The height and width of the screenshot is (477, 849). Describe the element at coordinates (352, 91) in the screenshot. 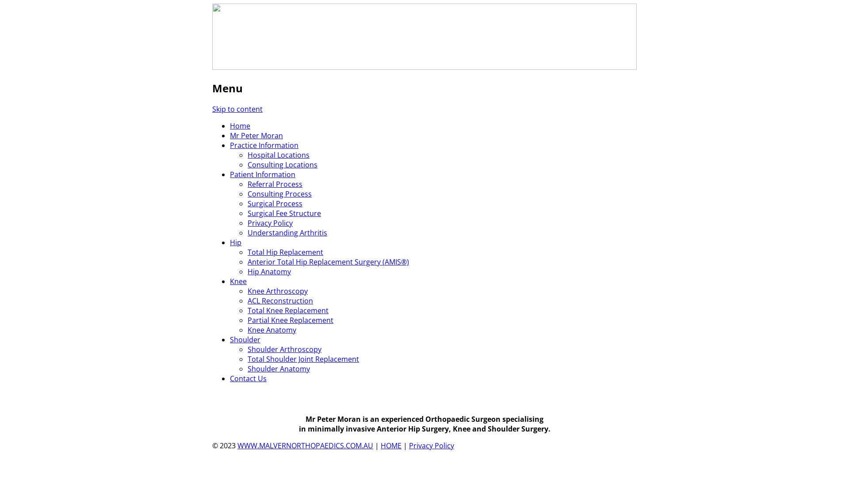

I see `'Mr Peter Moran (MBBS FRACS, FAOrthA)'` at that location.